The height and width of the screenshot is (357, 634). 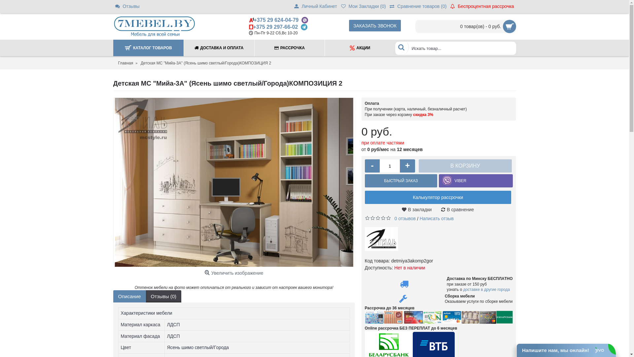 I want to click on '+375 29 624-04-79', so click(x=276, y=20).